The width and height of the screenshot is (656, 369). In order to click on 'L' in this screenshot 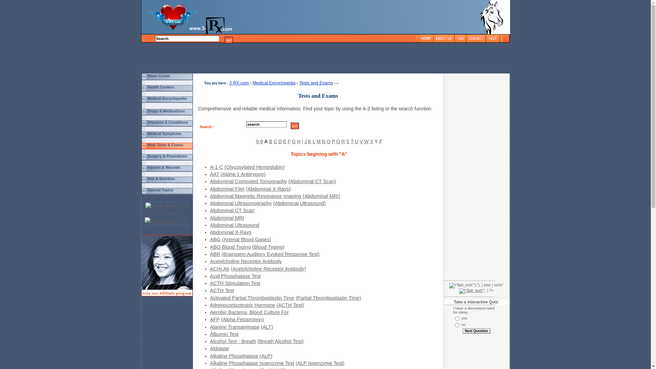, I will do `click(313, 141)`.